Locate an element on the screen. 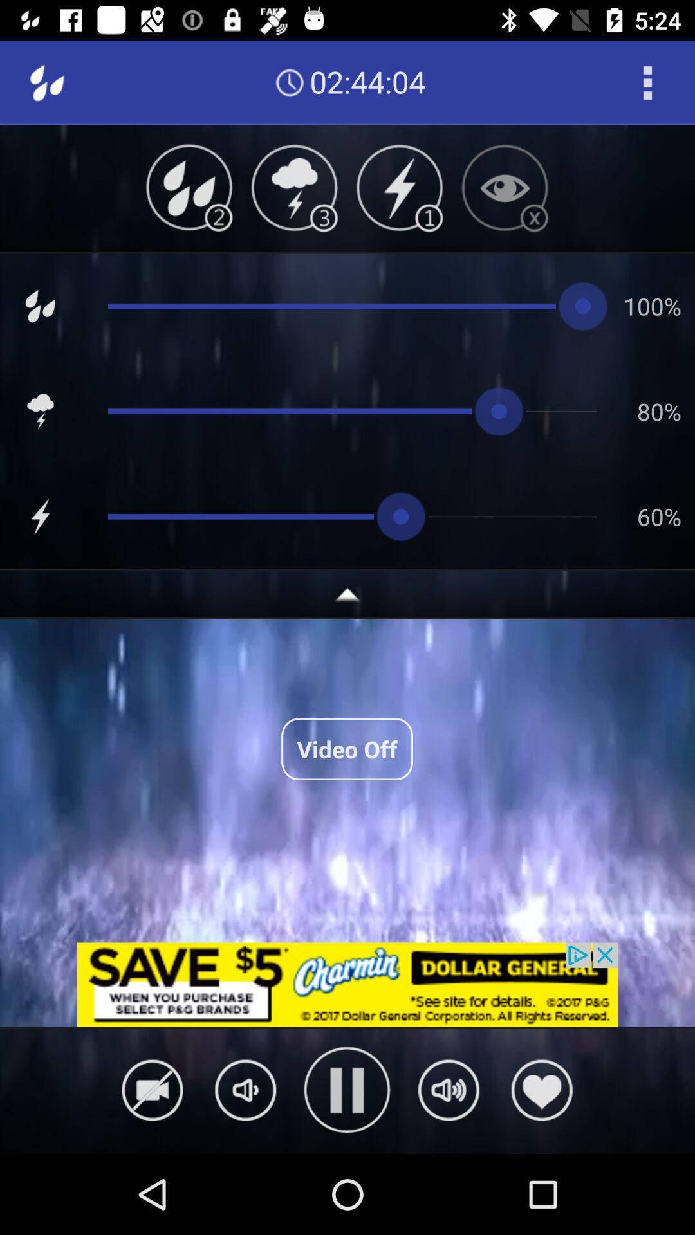 The width and height of the screenshot is (695, 1235). the chat icon is located at coordinates (245, 1089).